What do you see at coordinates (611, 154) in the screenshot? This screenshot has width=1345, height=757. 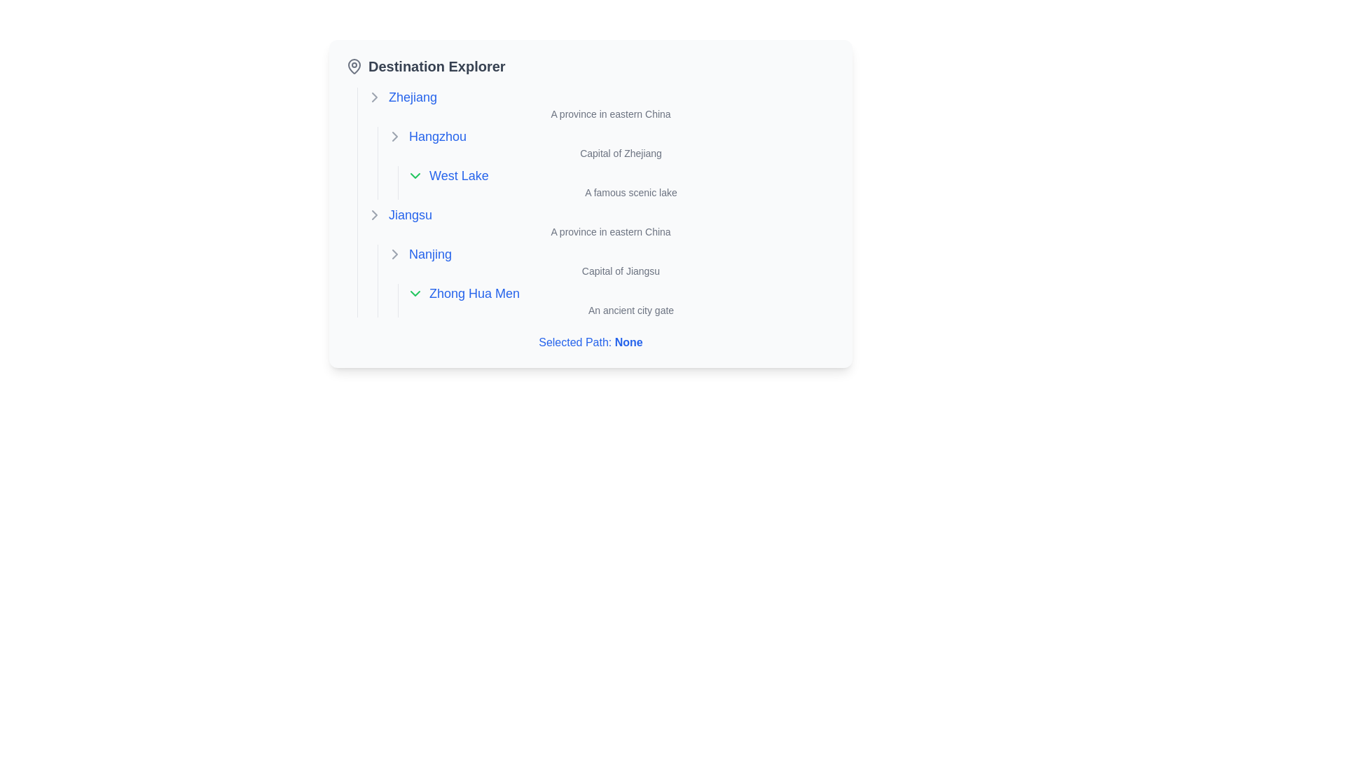 I see `descriptive subtitle or additional information provided by the Text label located under the title 'Hangzhou'` at bounding box center [611, 154].